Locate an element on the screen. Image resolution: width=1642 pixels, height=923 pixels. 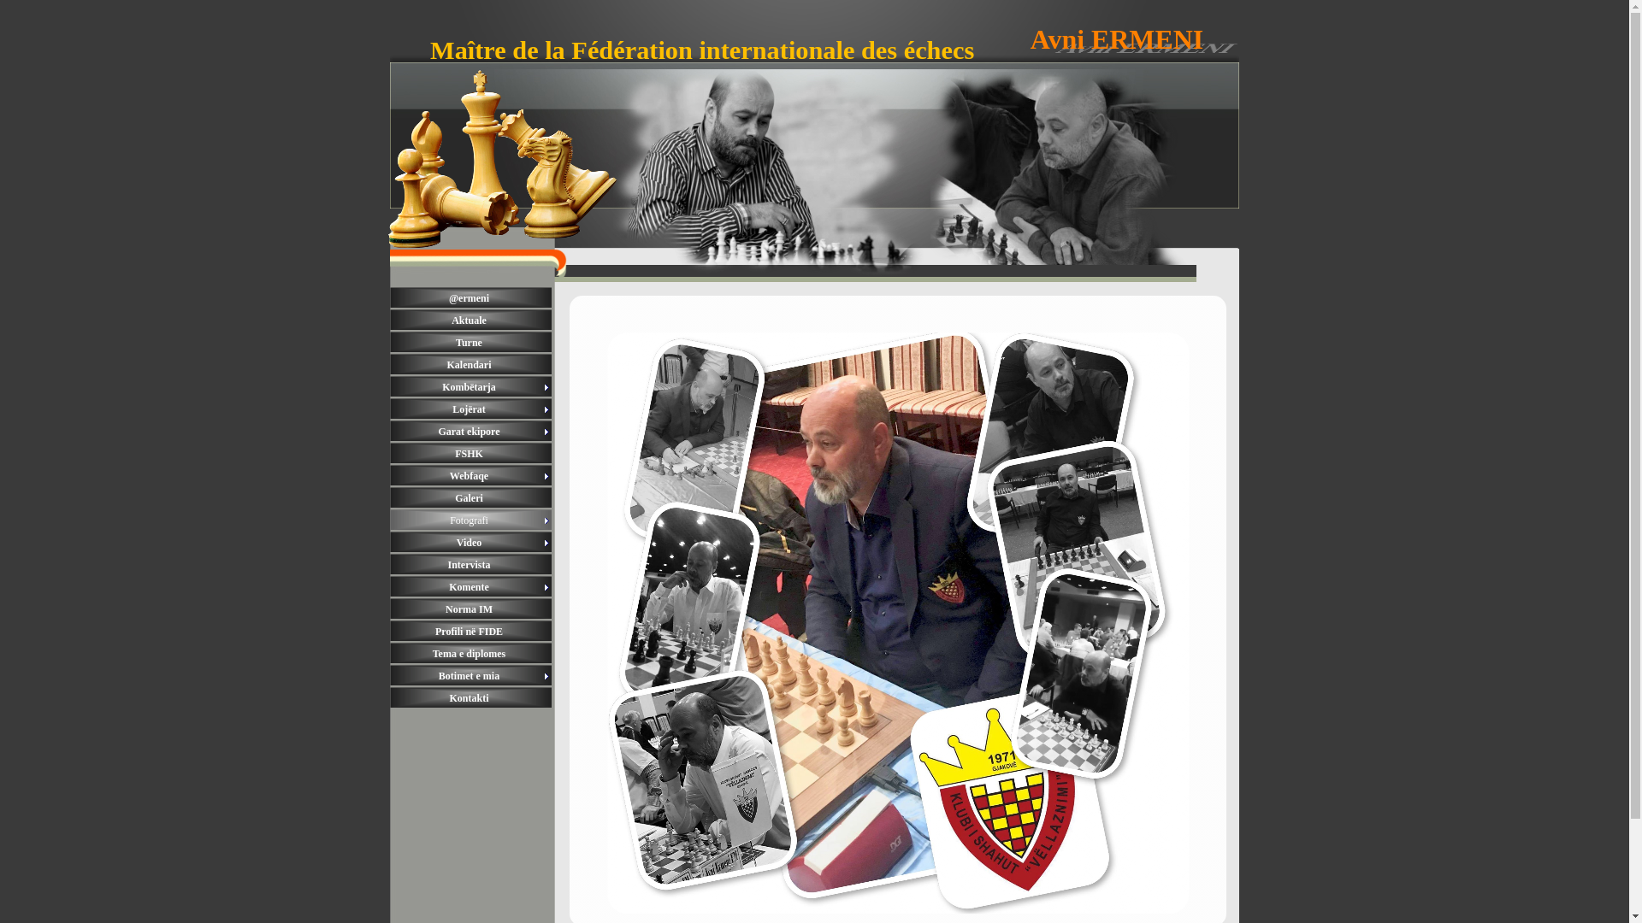
'Turne' is located at coordinates (471, 343).